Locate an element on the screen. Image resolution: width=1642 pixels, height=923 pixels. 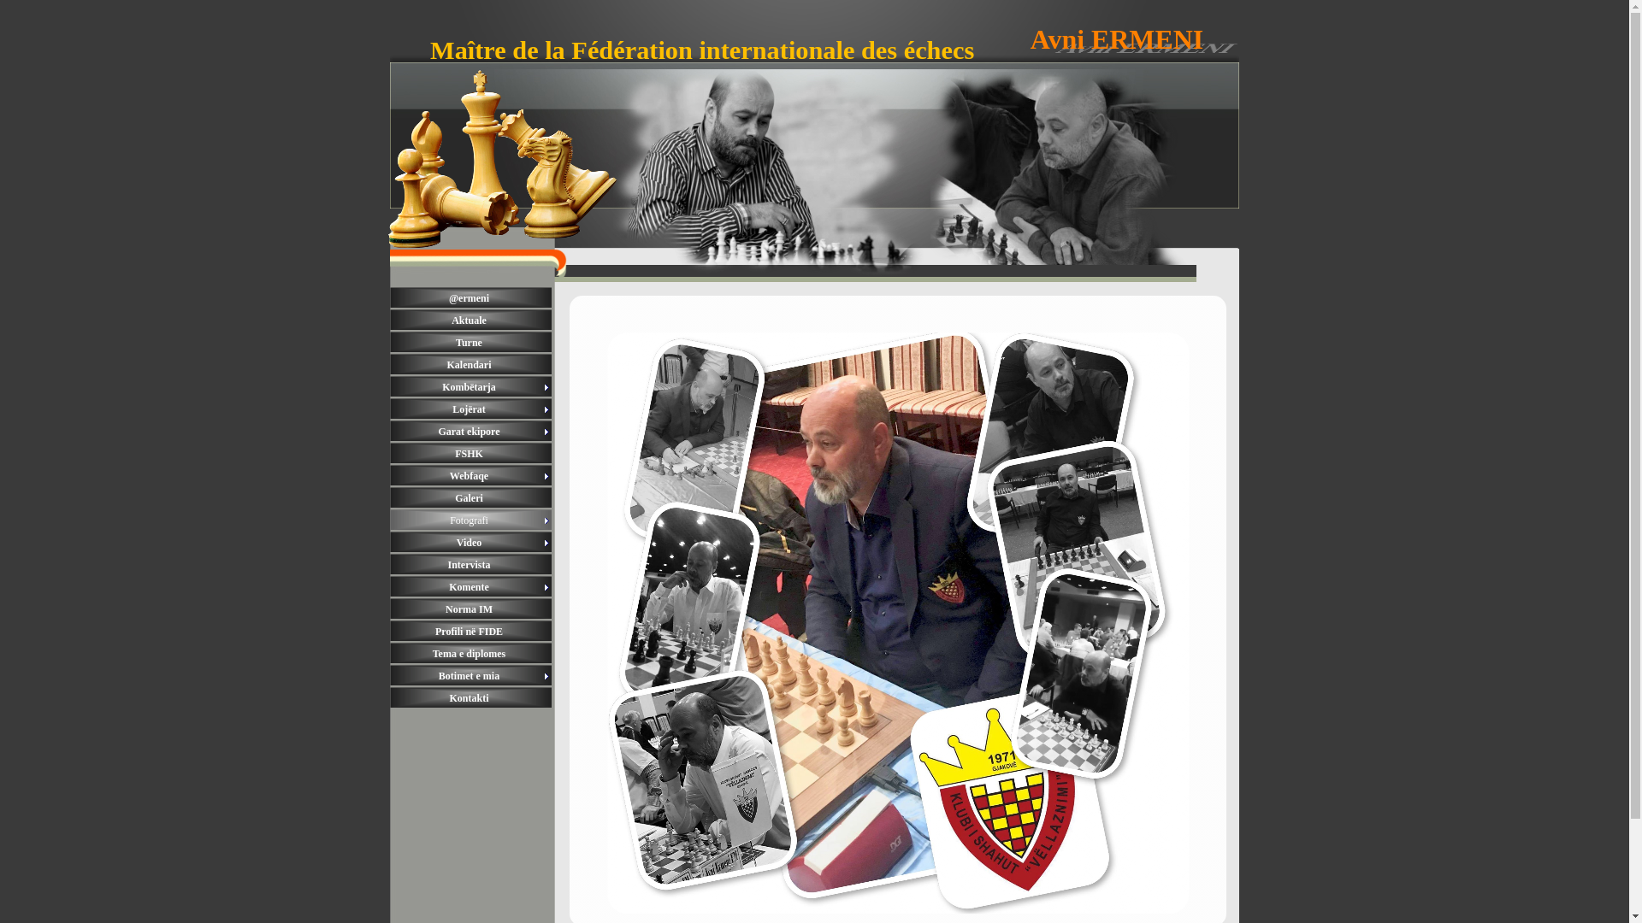
'Turne' is located at coordinates (471, 343).